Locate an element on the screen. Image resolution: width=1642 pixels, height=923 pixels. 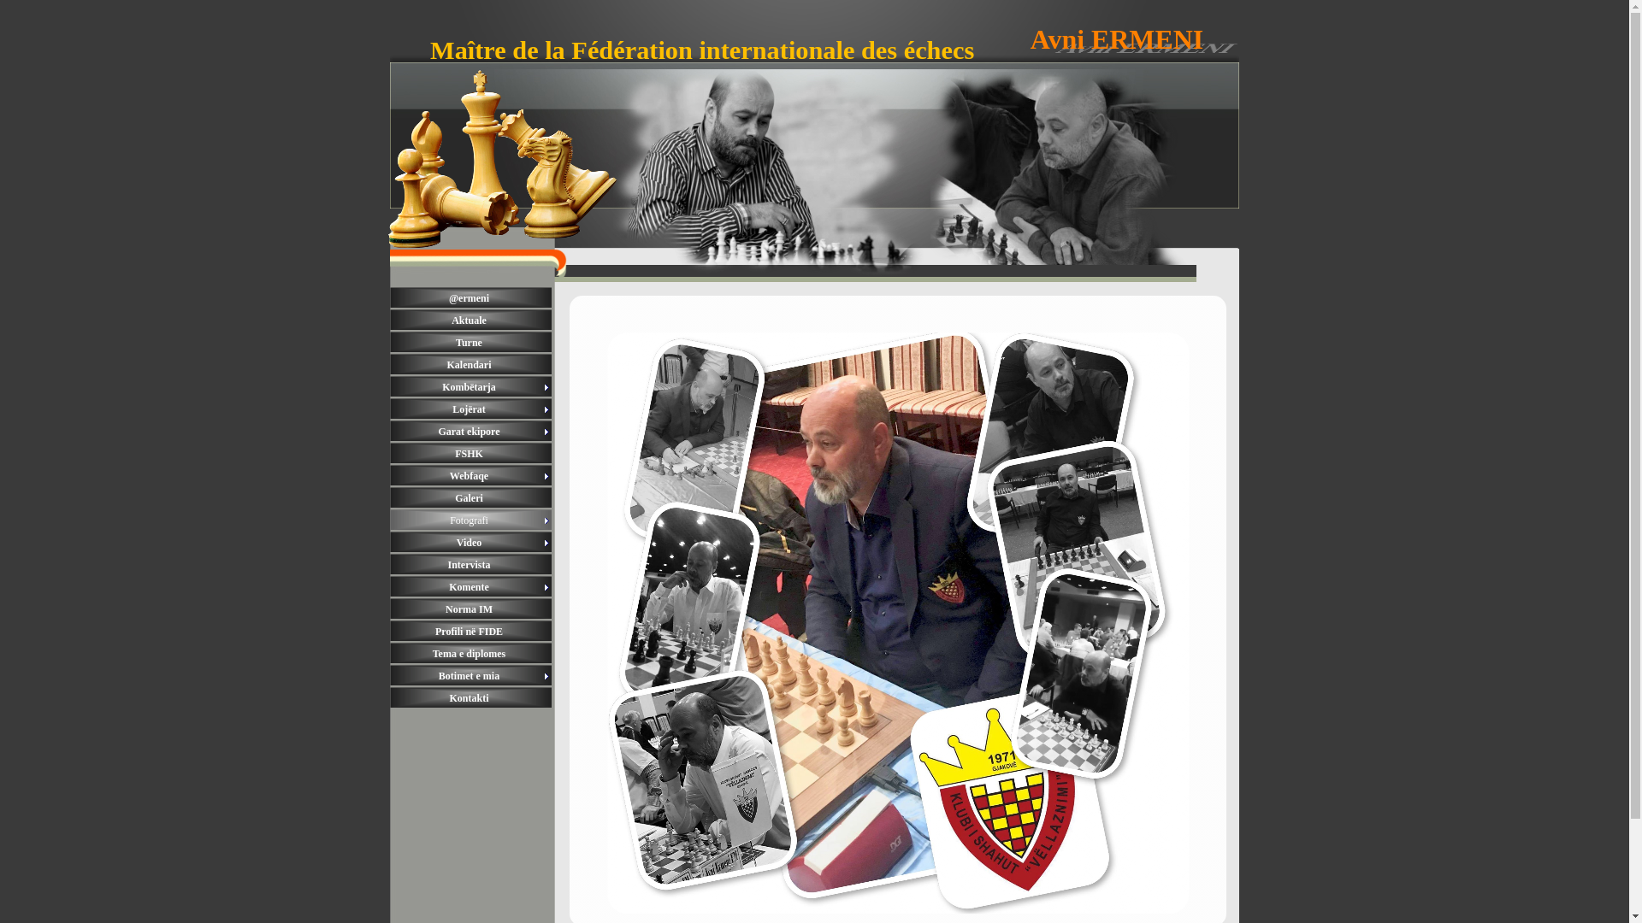
'Turne' is located at coordinates (471, 343).